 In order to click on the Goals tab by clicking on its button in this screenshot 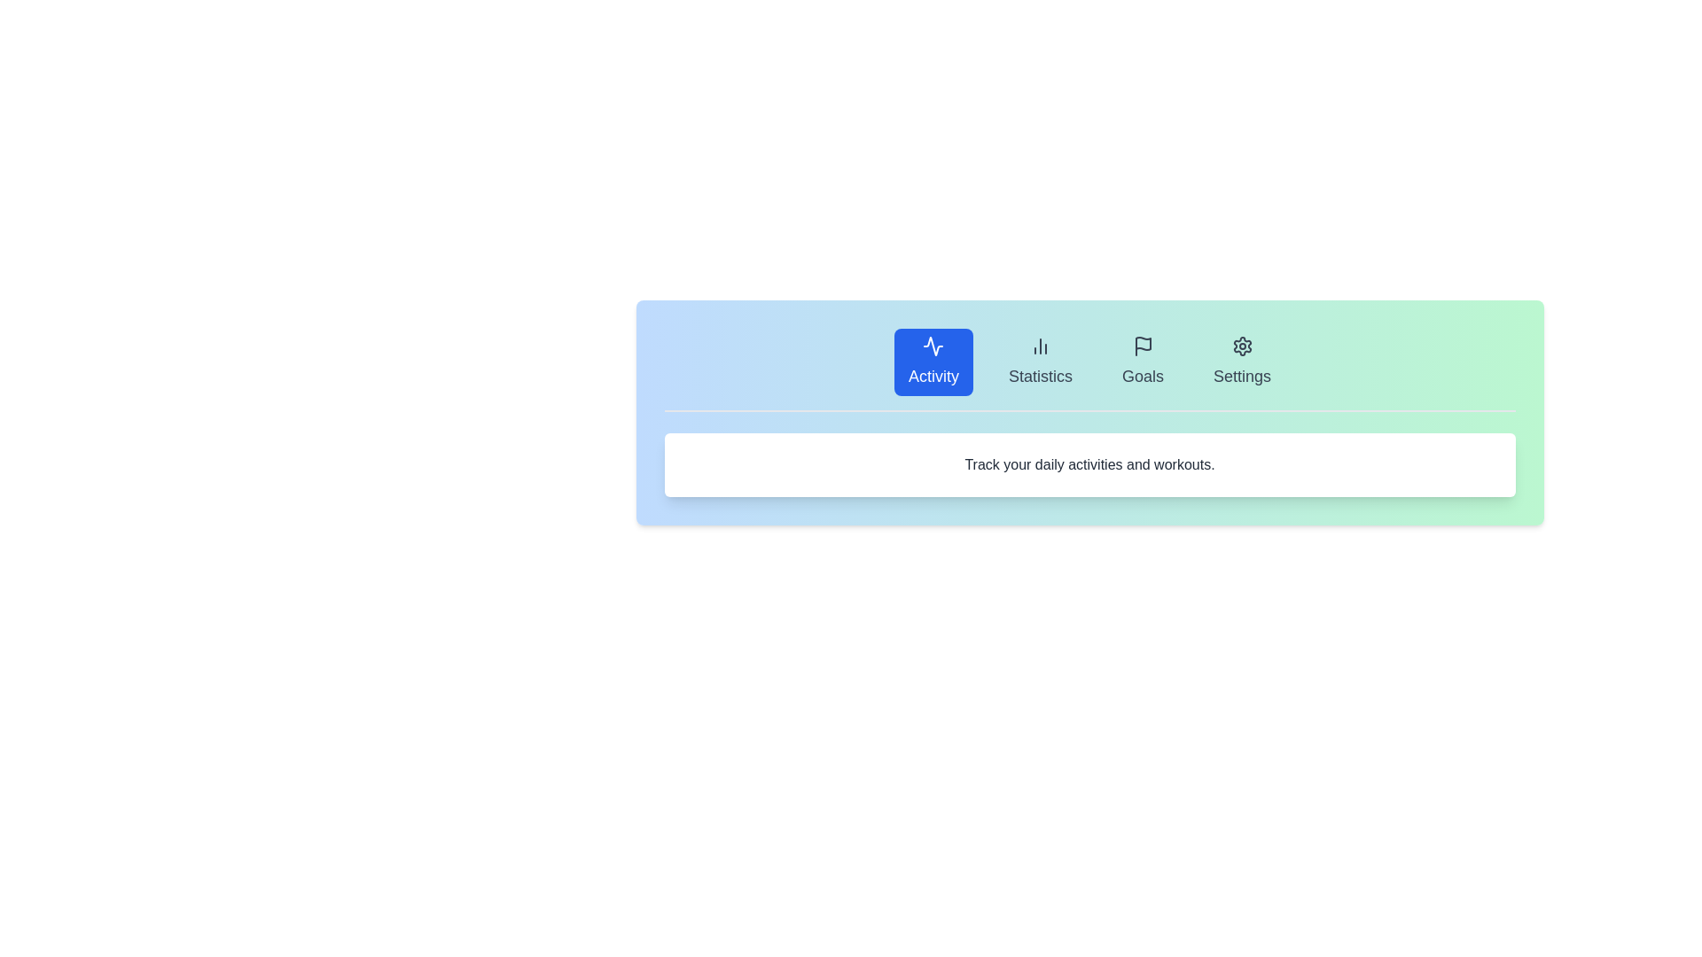, I will do `click(1143, 361)`.